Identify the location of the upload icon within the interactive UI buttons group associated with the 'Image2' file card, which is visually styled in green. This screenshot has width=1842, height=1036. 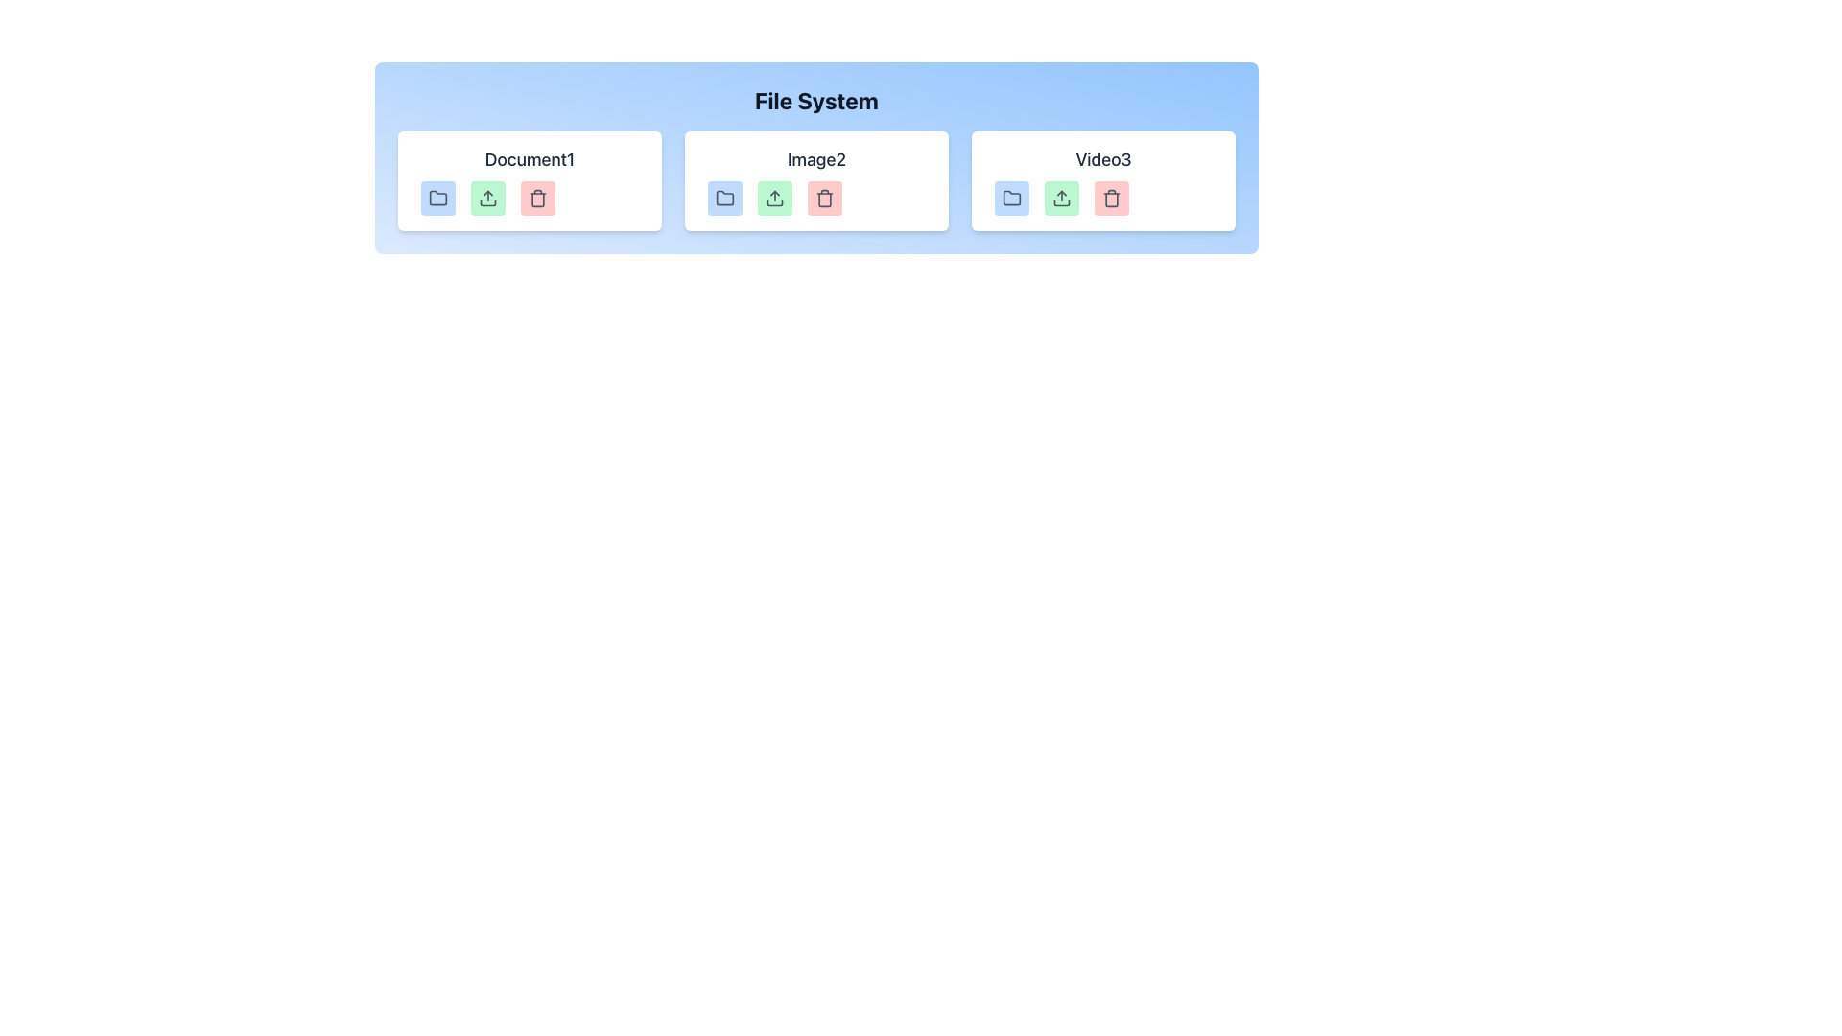
(816, 199).